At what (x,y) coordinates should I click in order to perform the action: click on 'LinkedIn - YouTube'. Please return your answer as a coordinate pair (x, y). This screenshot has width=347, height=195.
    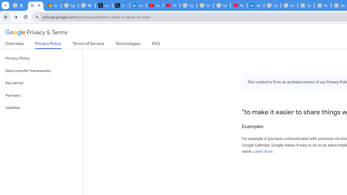
    Looking at the image, I should click on (154, 5).